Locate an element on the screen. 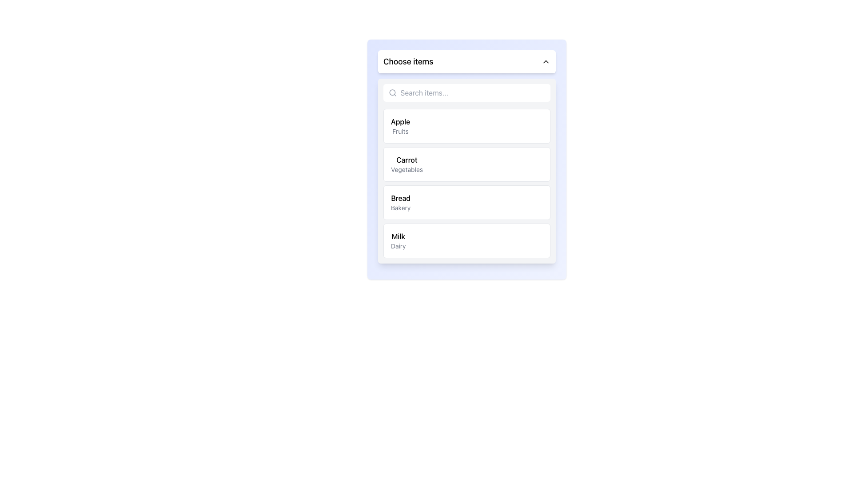  the descriptive text label located below the 'Carrot' text in the vegetable category is located at coordinates (407, 169).